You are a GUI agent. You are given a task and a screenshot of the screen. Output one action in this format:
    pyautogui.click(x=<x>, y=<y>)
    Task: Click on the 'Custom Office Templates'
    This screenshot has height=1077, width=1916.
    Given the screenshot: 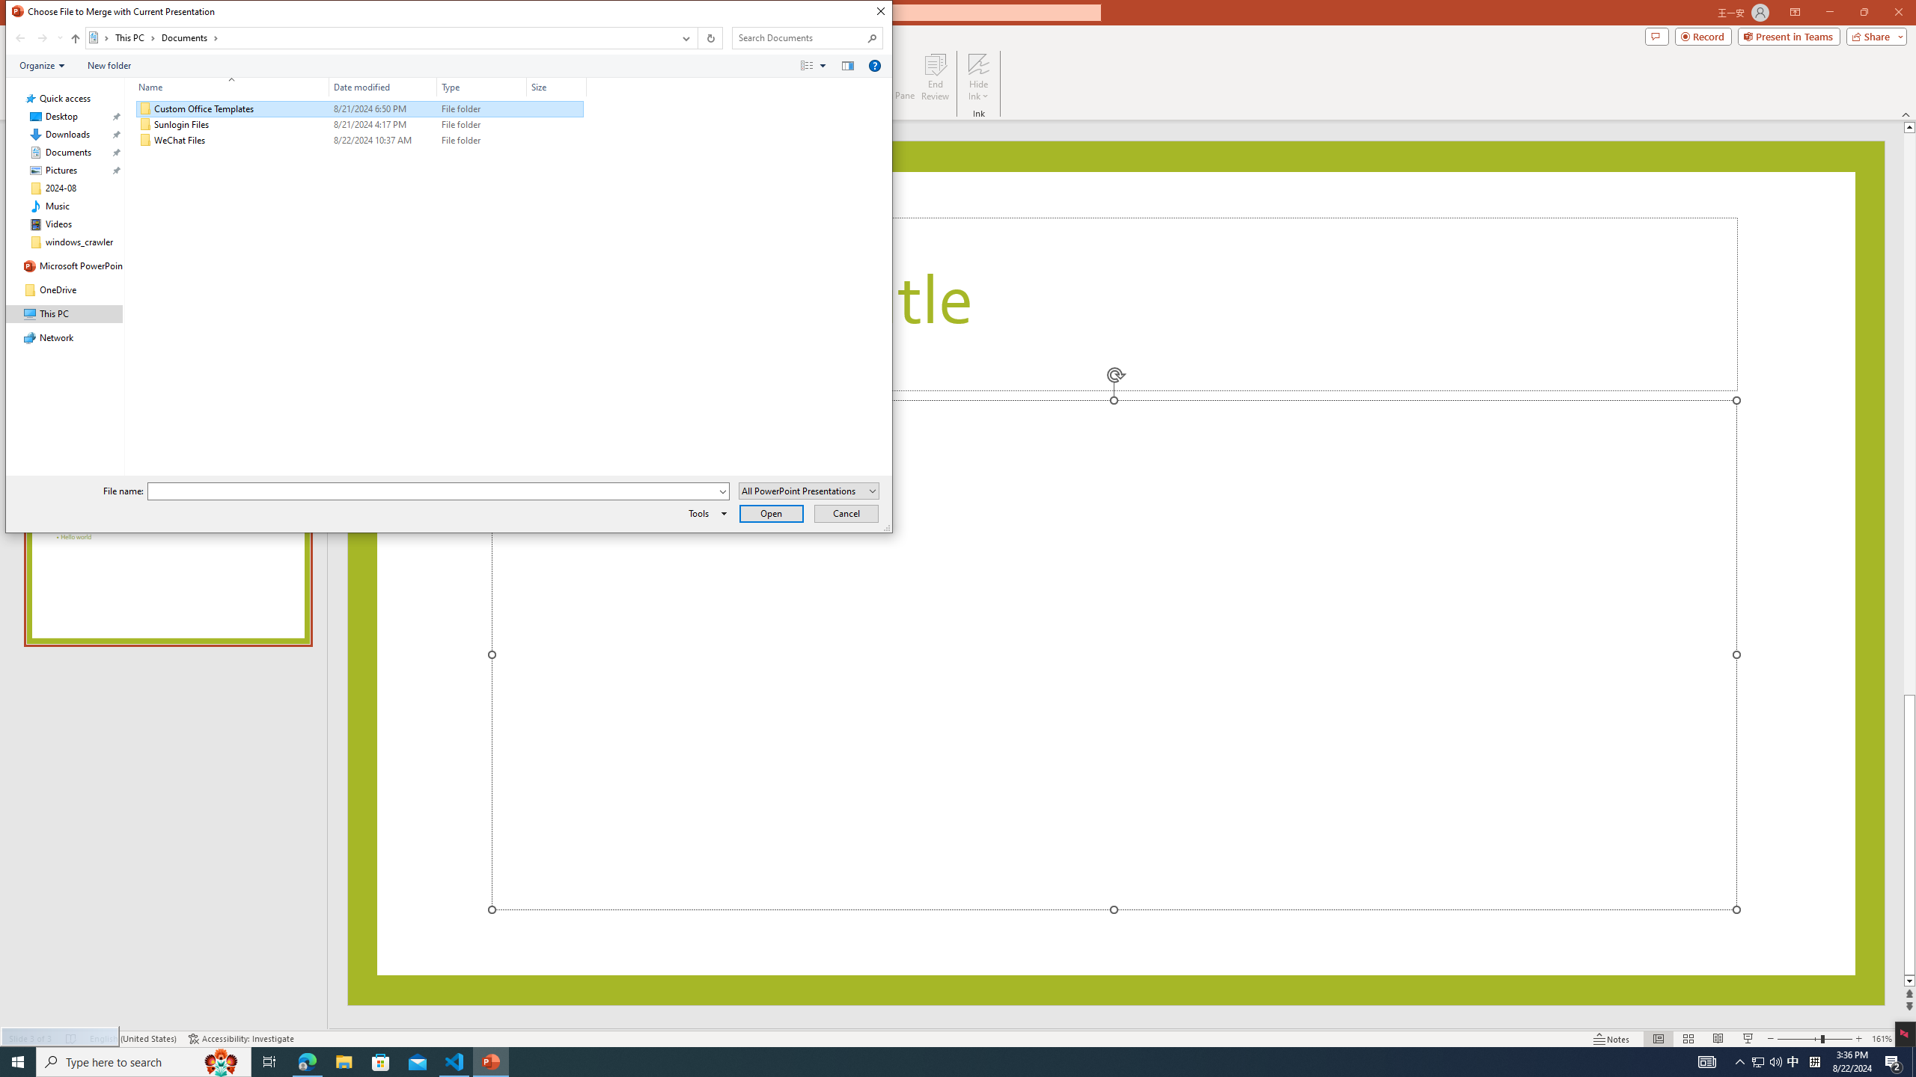 What is the action you would take?
    pyautogui.click(x=360, y=108)
    